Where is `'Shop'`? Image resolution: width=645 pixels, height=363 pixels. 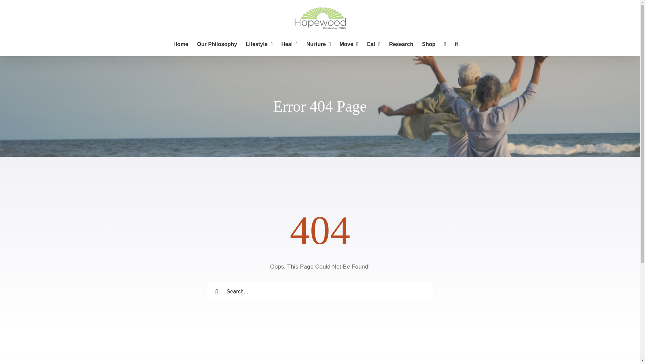
'Shop' is located at coordinates (428, 44).